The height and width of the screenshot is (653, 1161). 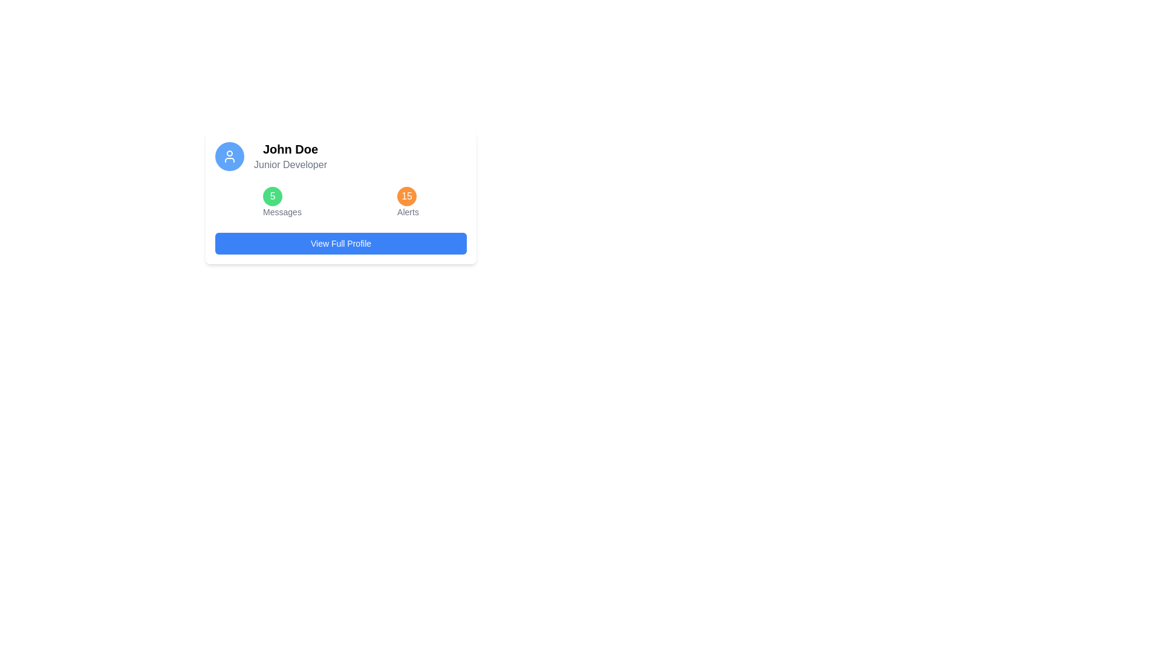 I want to click on the alert represented by the circular orange Notification Badge displaying the number '15', so click(x=407, y=195).